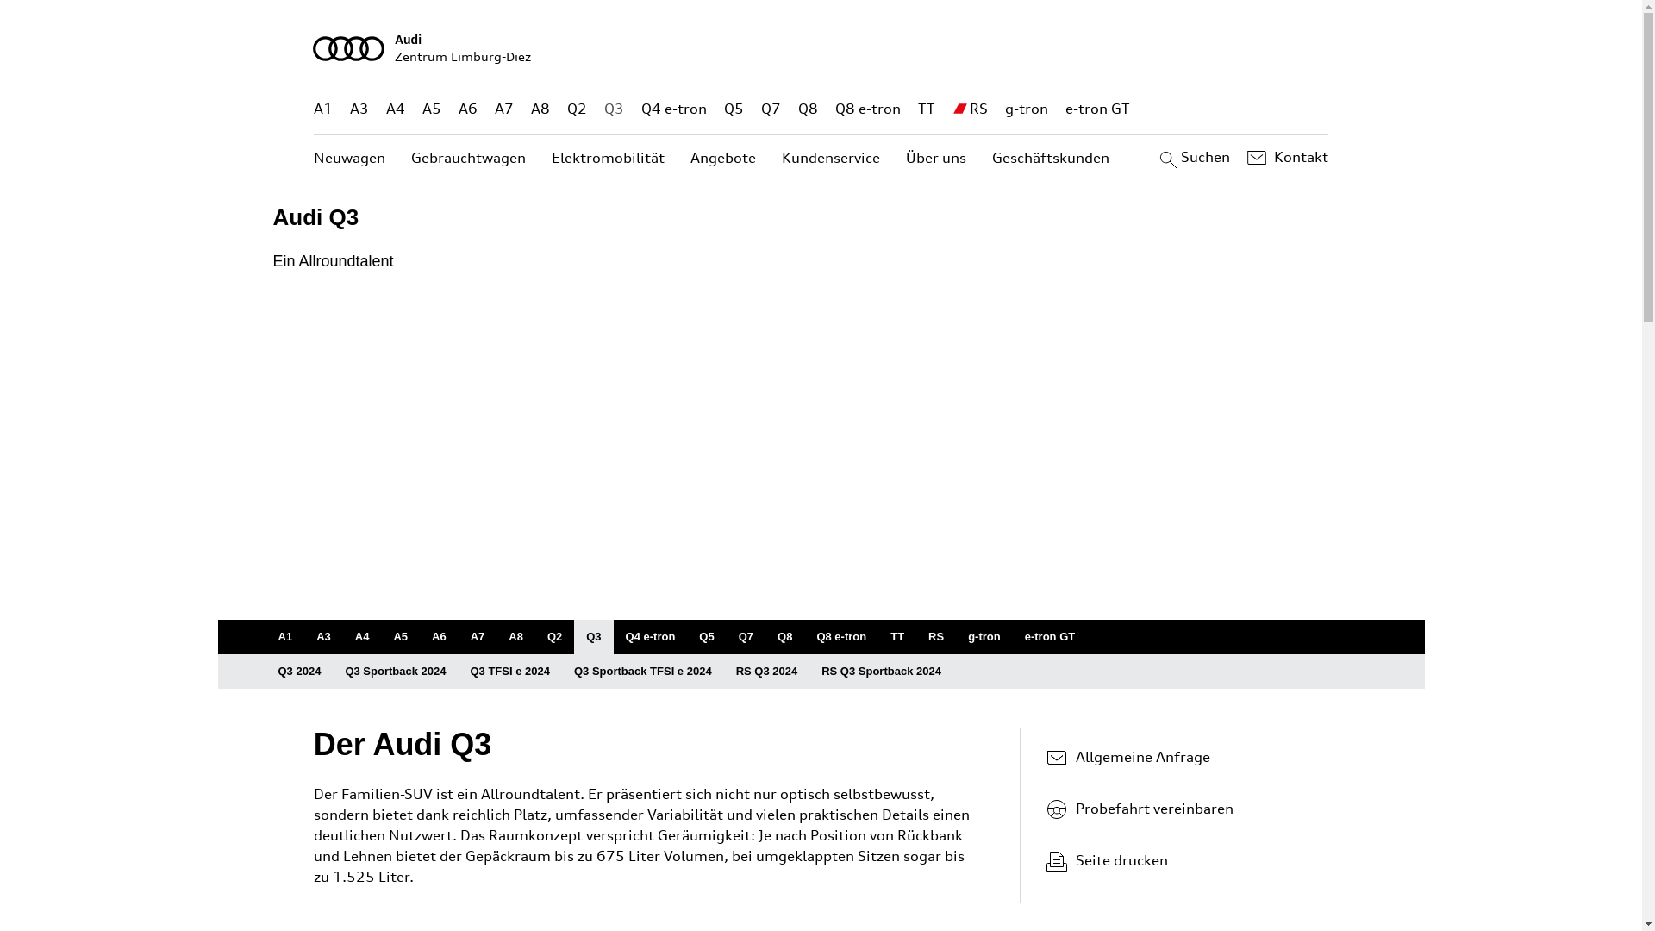  I want to click on 'Neuwagen', so click(348, 158).